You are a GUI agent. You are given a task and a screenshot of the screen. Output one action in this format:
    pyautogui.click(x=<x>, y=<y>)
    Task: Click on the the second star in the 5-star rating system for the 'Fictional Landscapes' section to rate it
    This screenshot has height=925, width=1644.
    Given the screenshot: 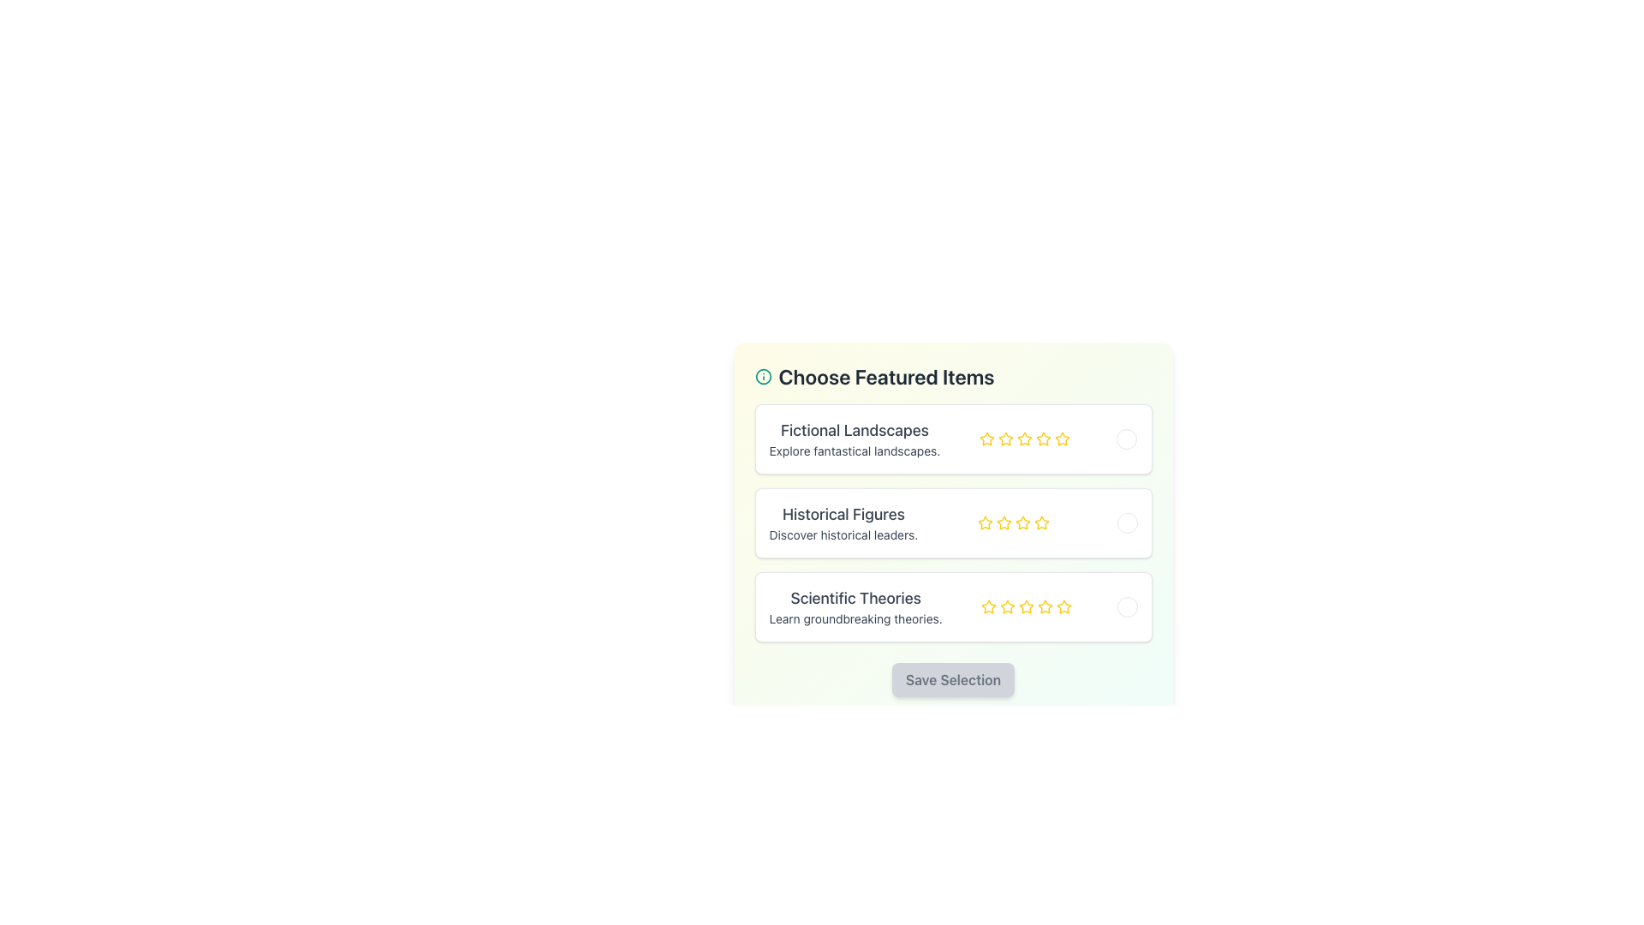 What is the action you would take?
    pyautogui.click(x=1025, y=438)
    